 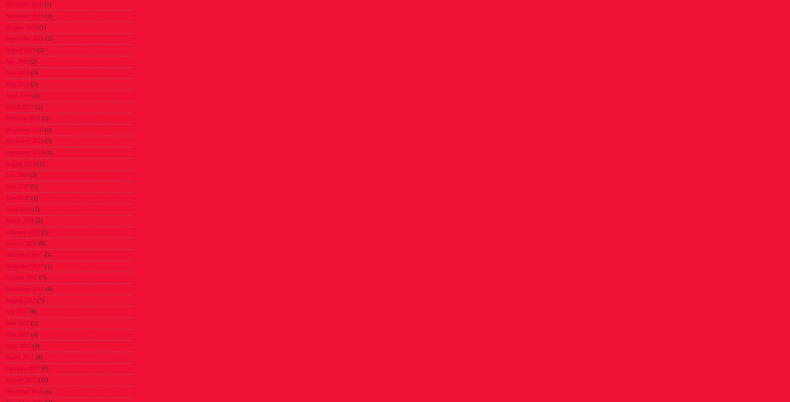 What do you see at coordinates (24, 16) in the screenshot?
I see `'November 2019'` at bounding box center [24, 16].